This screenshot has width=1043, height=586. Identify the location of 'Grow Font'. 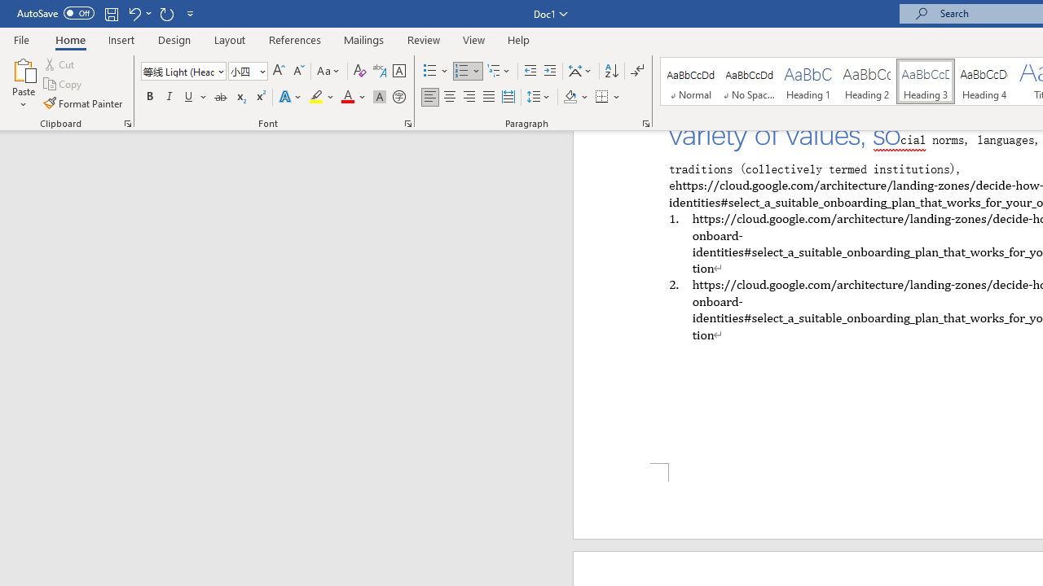
(279, 70).